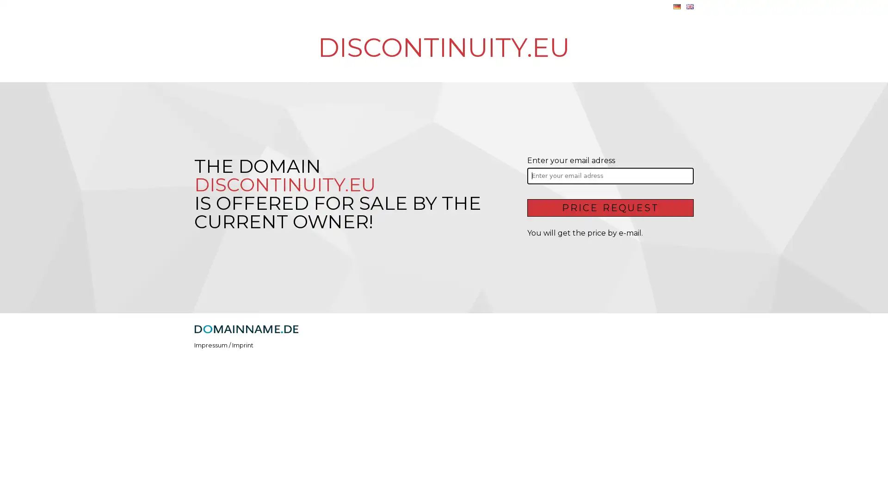  Describe the element at coordinates (610, 207) in the screenshot. I see `PRICE REQUEST` at that location.